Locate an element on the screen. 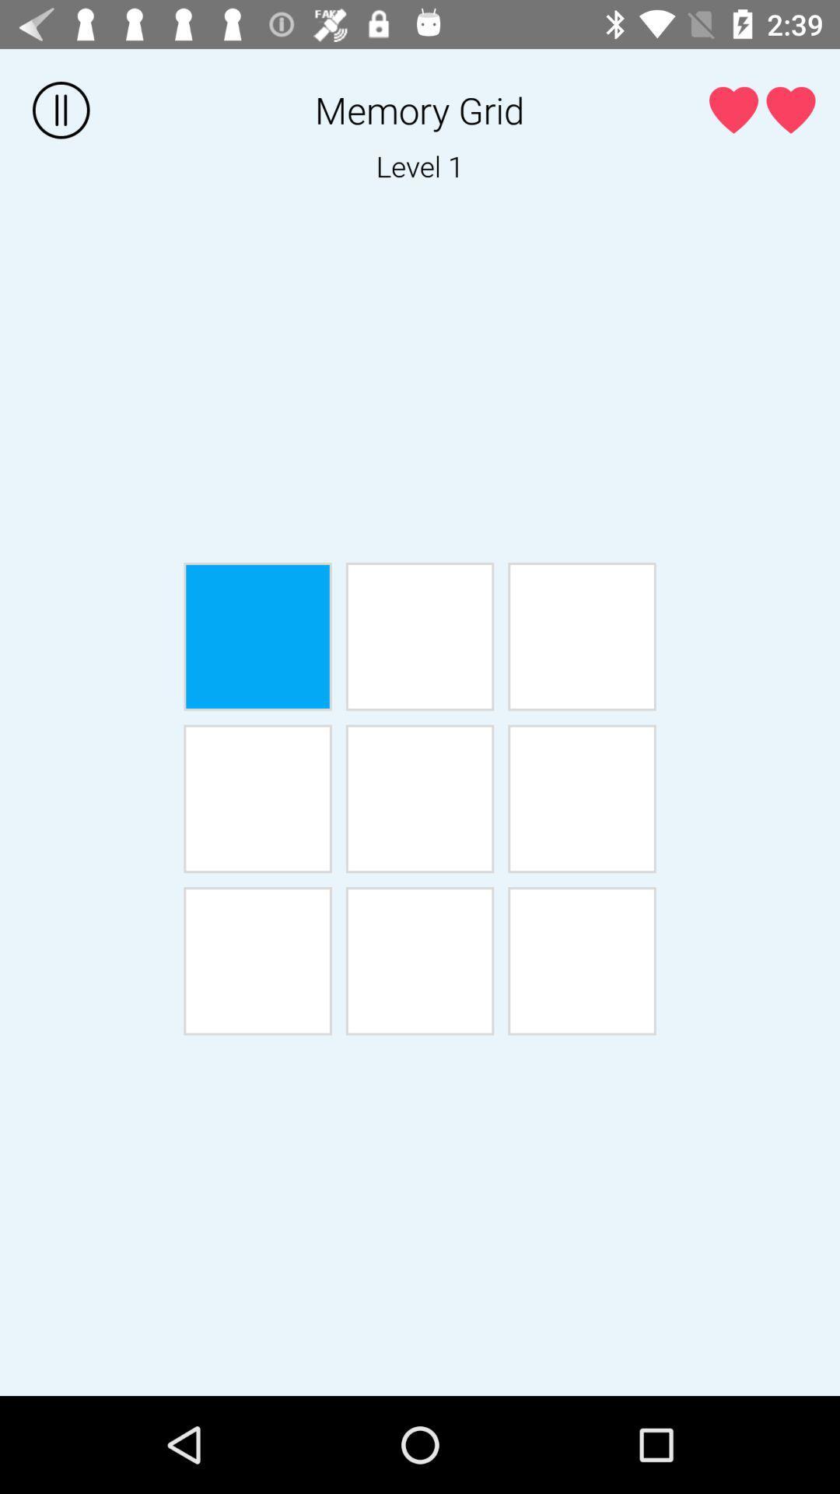  next players turn is located at coordinates (257, 960).